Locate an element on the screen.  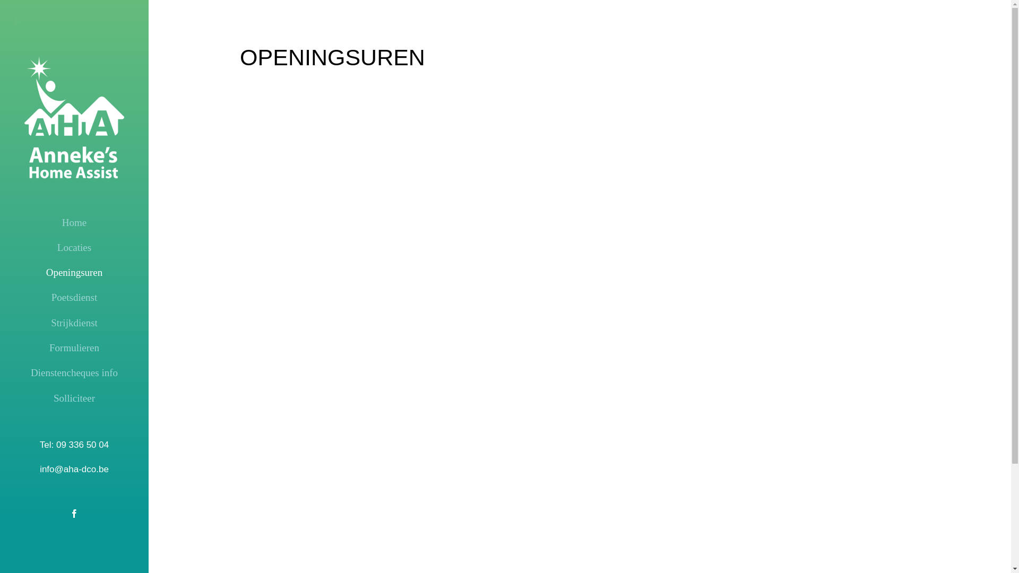
'Strijkdienst' is located at coordinates (73, 323).